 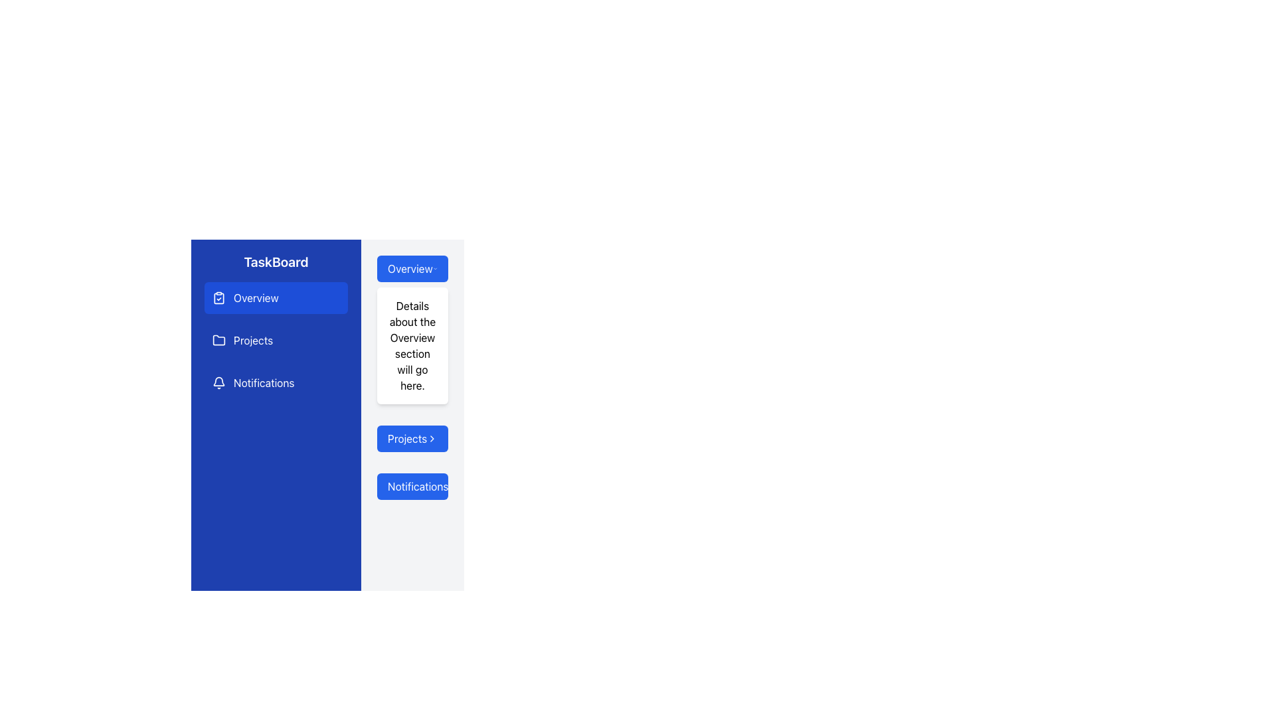 What do you see at coordinates (219, 339) in the screenshot?
I see `the 'Projects' menu icon located in the left navigation panel next to the text label 'Projects'` at bounding box center [219, 339].